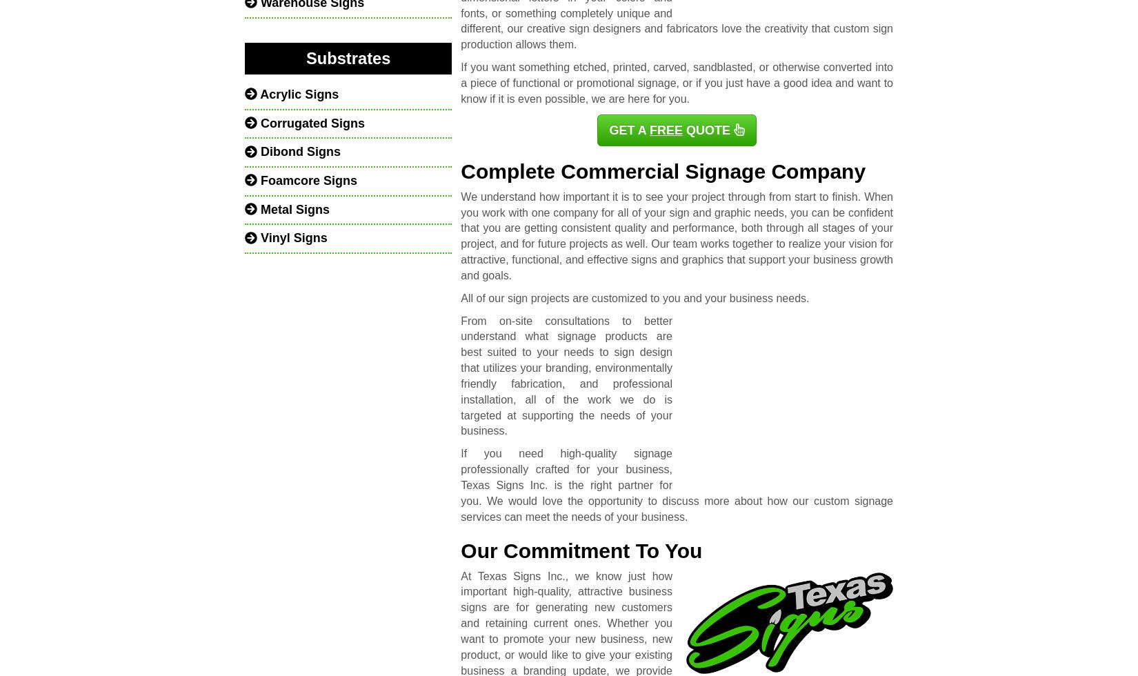 The image size is (1138, 676). Describe the element at coordinates (257, 152) in the screenshot. I see `'Dibond Signs'` at that location.